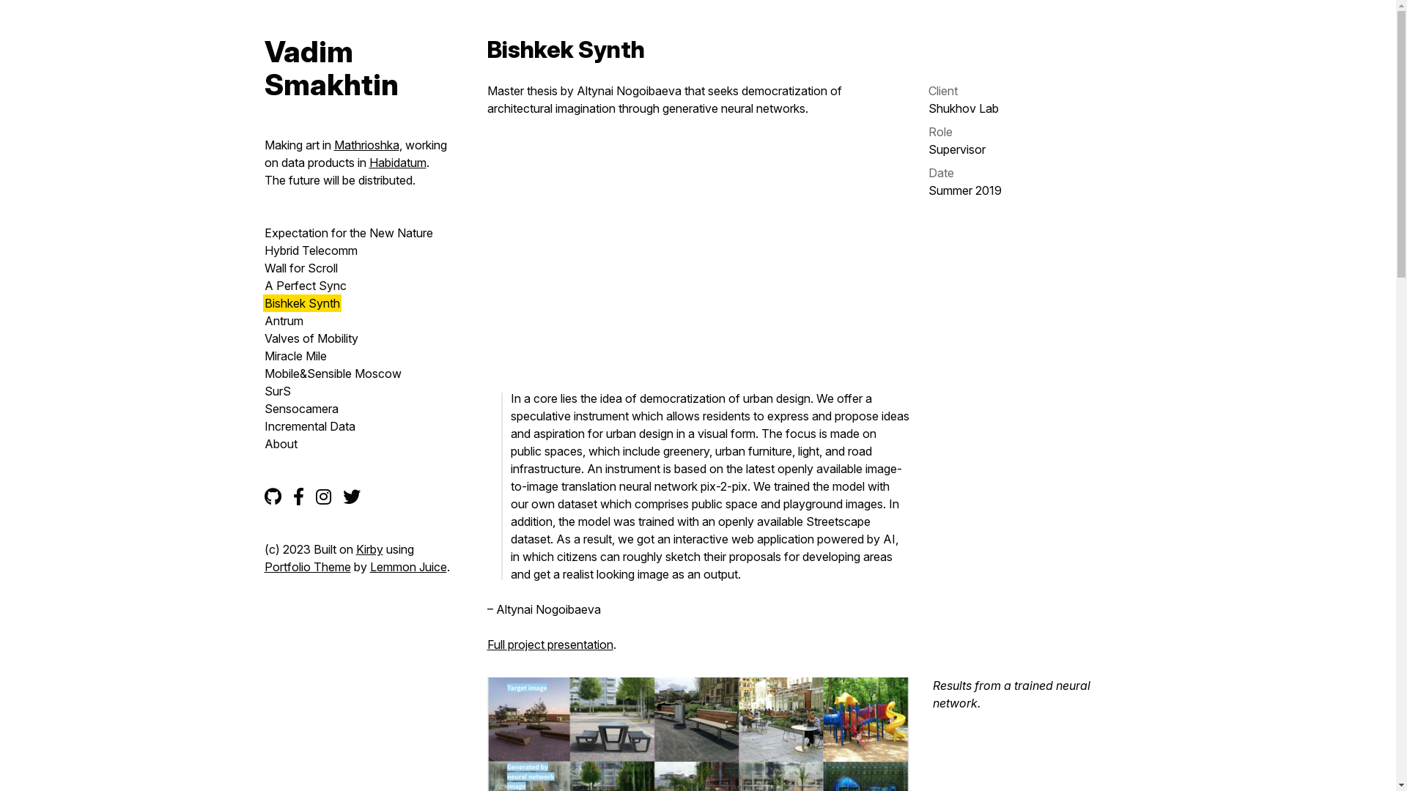  What do you see at coordinates (280, 442) in the screenshot?
I see `'About'` at bounding box center [280, 442].